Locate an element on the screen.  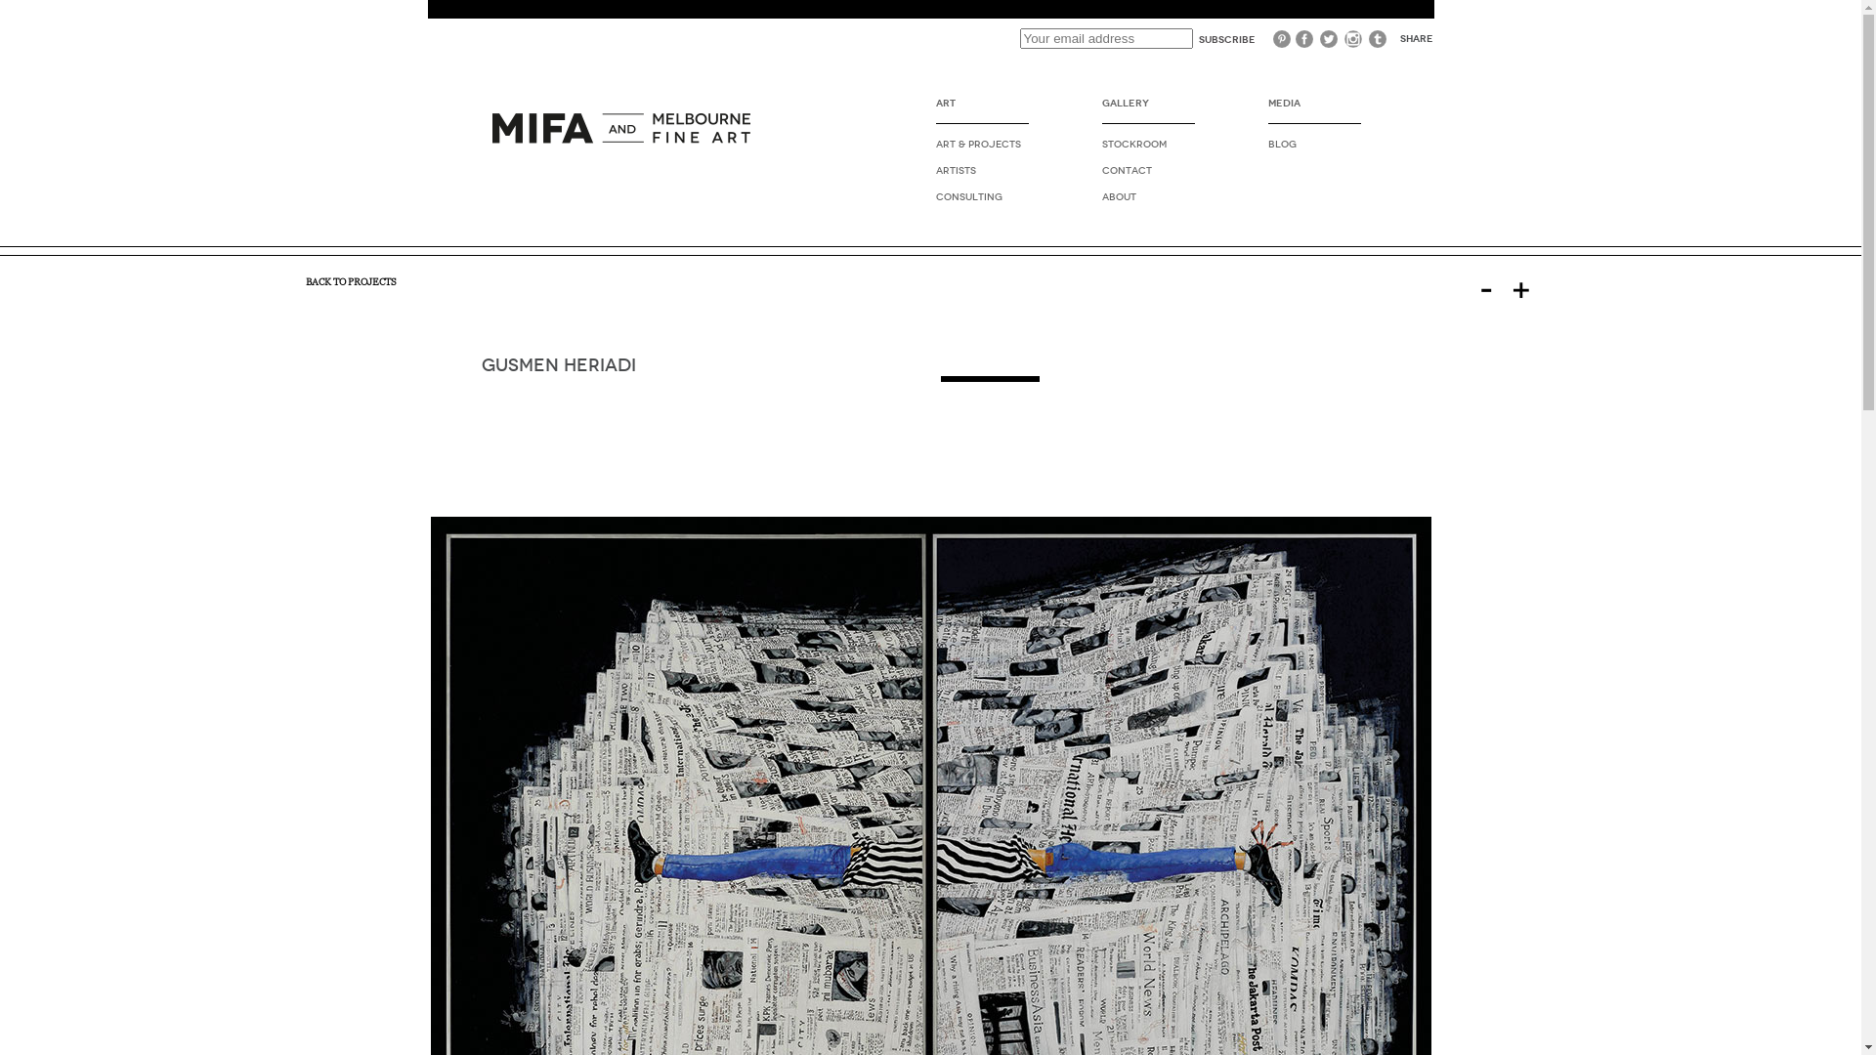
'Twitter' is located at coordinates (1328, 38).